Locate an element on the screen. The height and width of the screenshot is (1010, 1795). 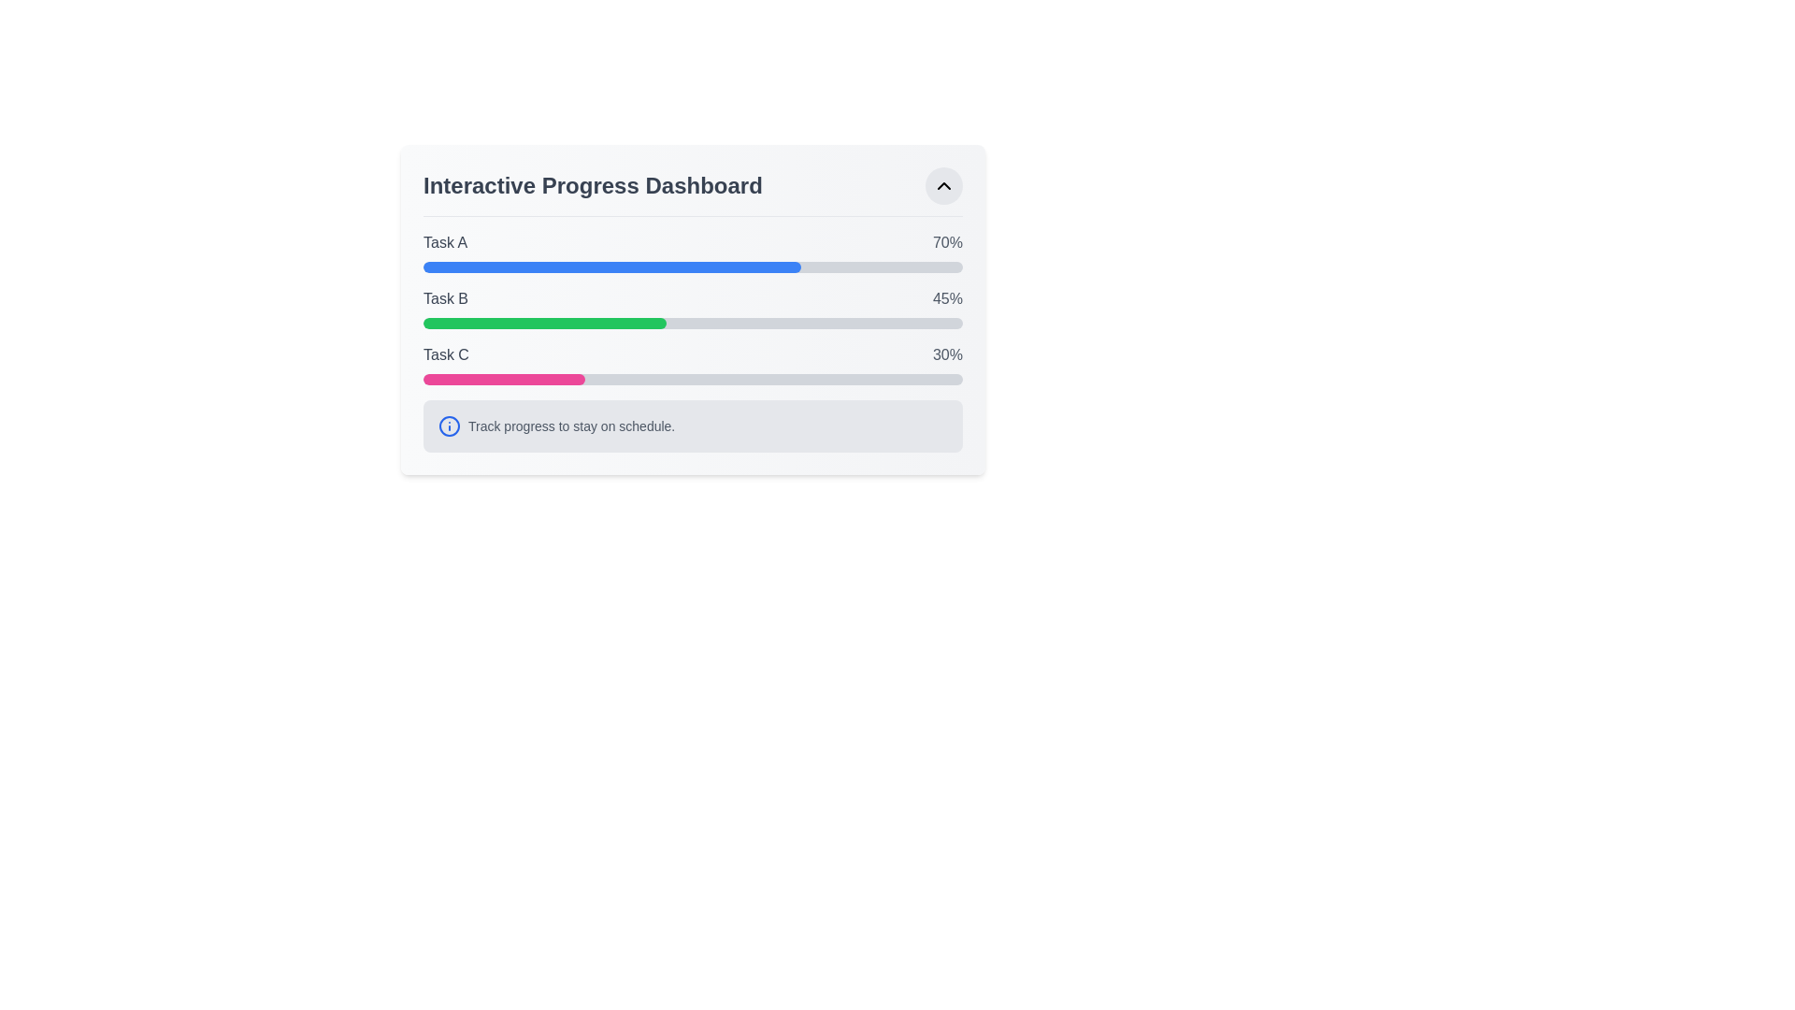
the progress indicator for 'Task A', which displays a percentage label of '70%' and a blue progress bar indicating the completion status is located at coordinates (692, 252).